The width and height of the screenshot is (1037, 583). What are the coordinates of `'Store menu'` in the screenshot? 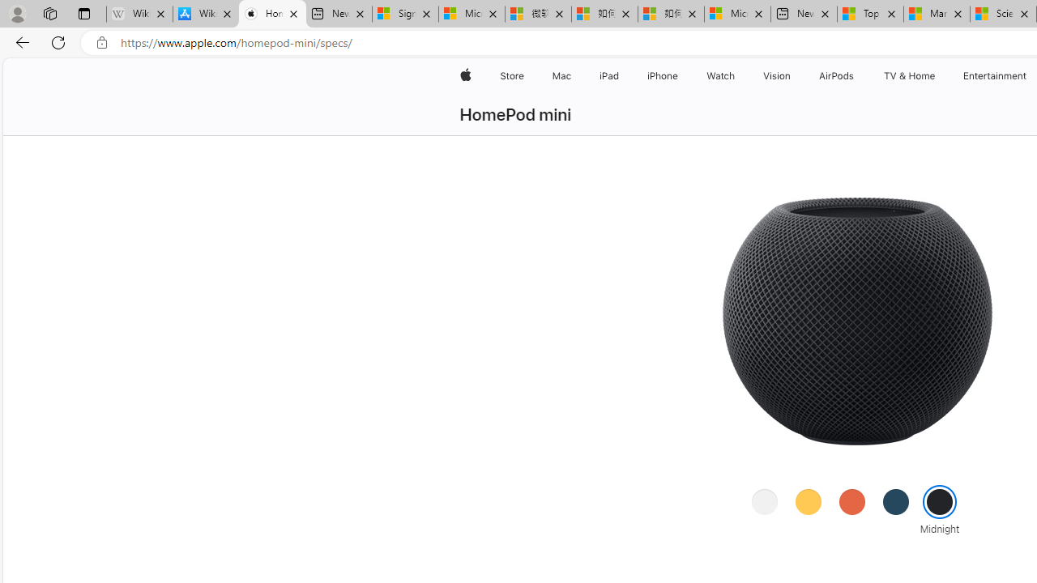 It's located at (527, 75).